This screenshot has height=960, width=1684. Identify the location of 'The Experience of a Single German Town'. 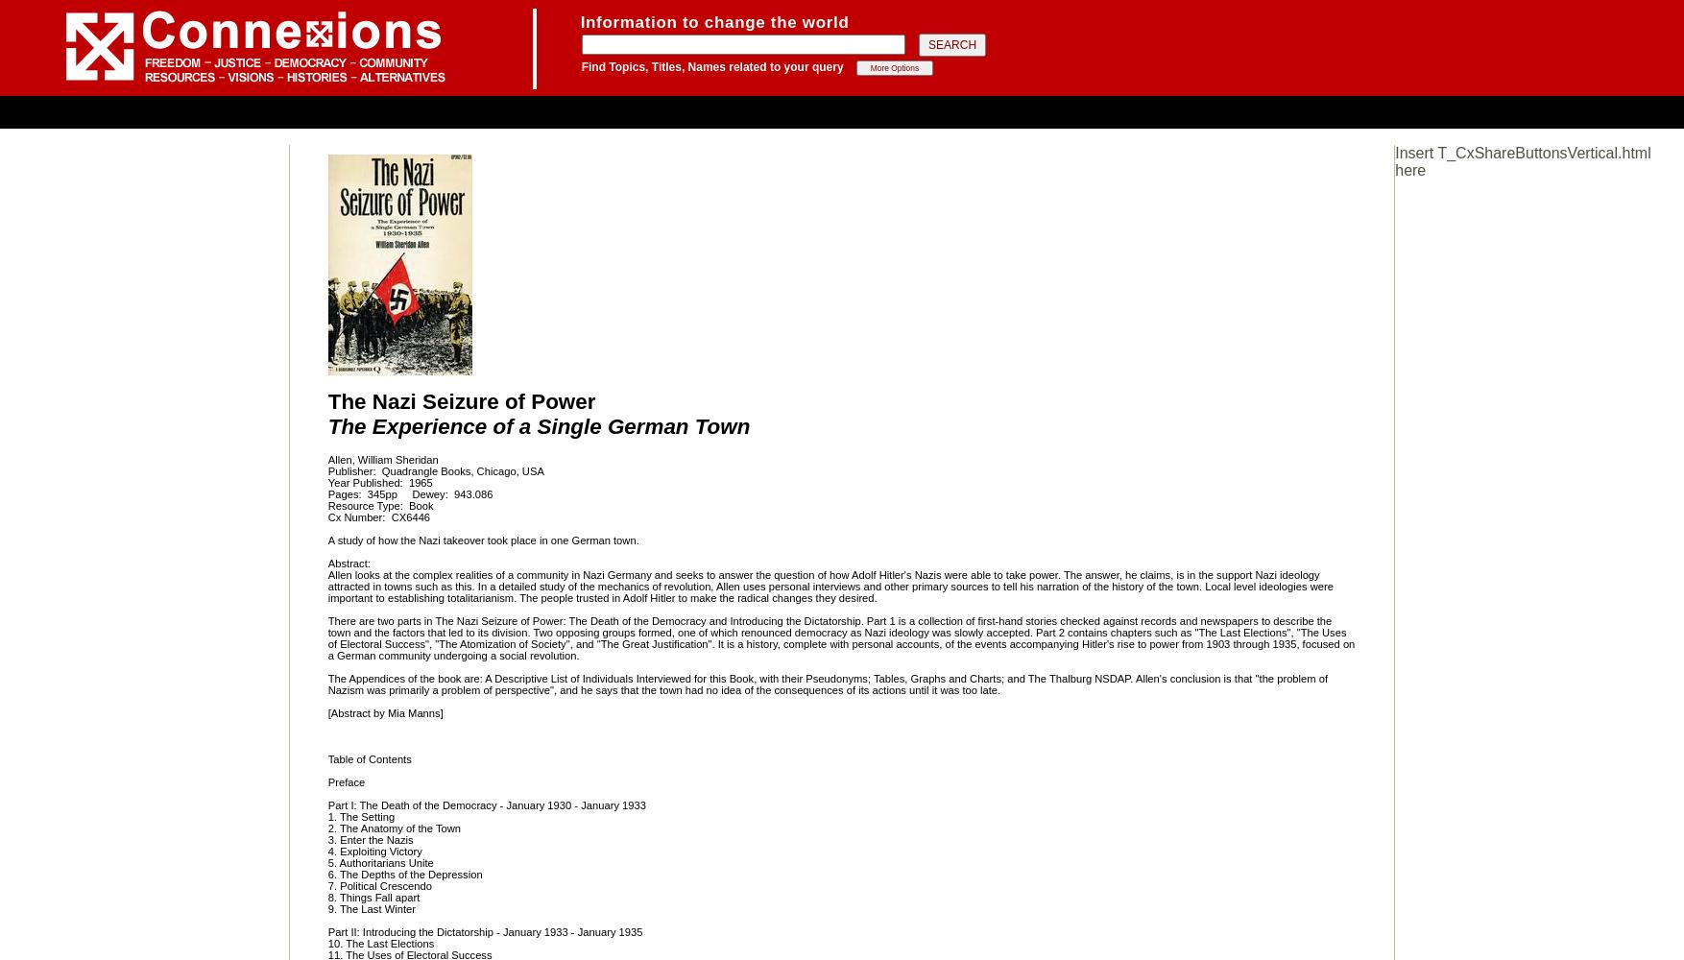
(538, 425).